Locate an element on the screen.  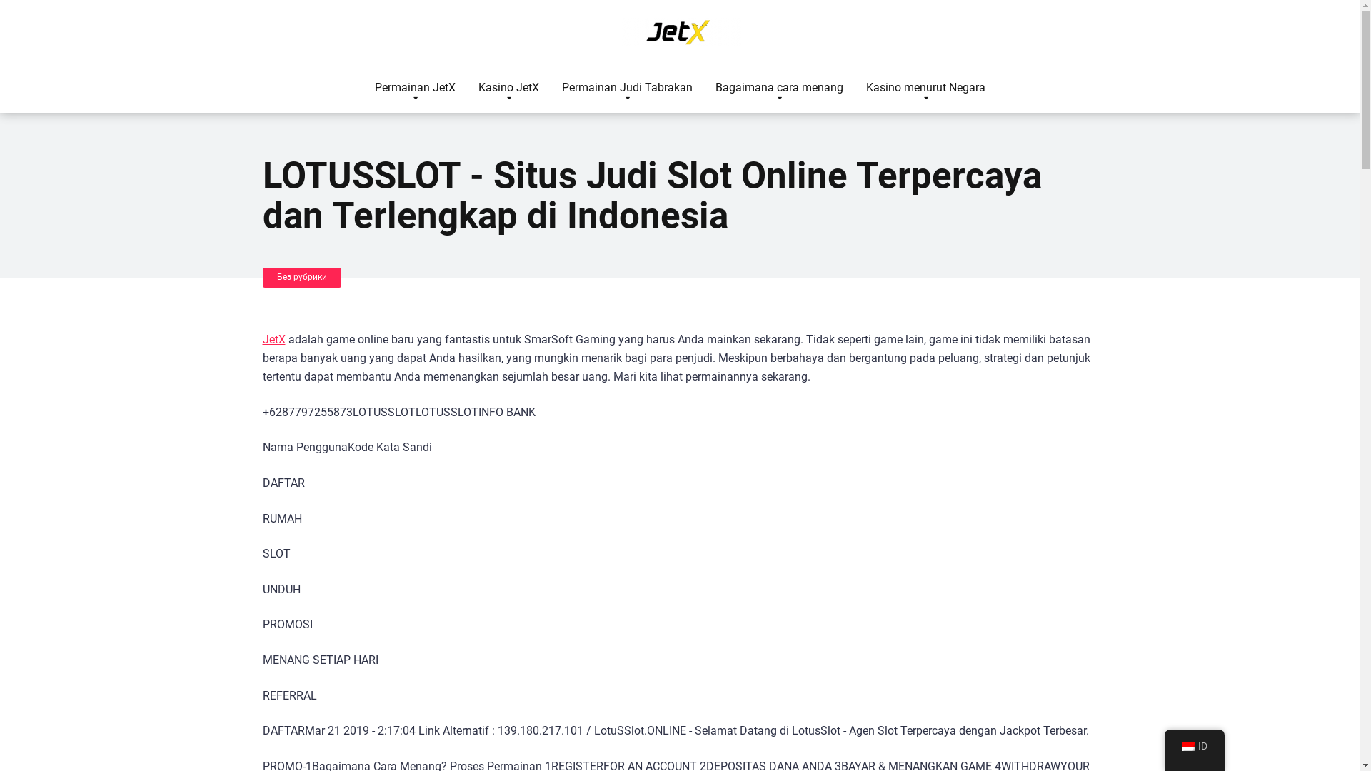
'Permainan Judi Tabrakan' is located at coordinates (627, 88).